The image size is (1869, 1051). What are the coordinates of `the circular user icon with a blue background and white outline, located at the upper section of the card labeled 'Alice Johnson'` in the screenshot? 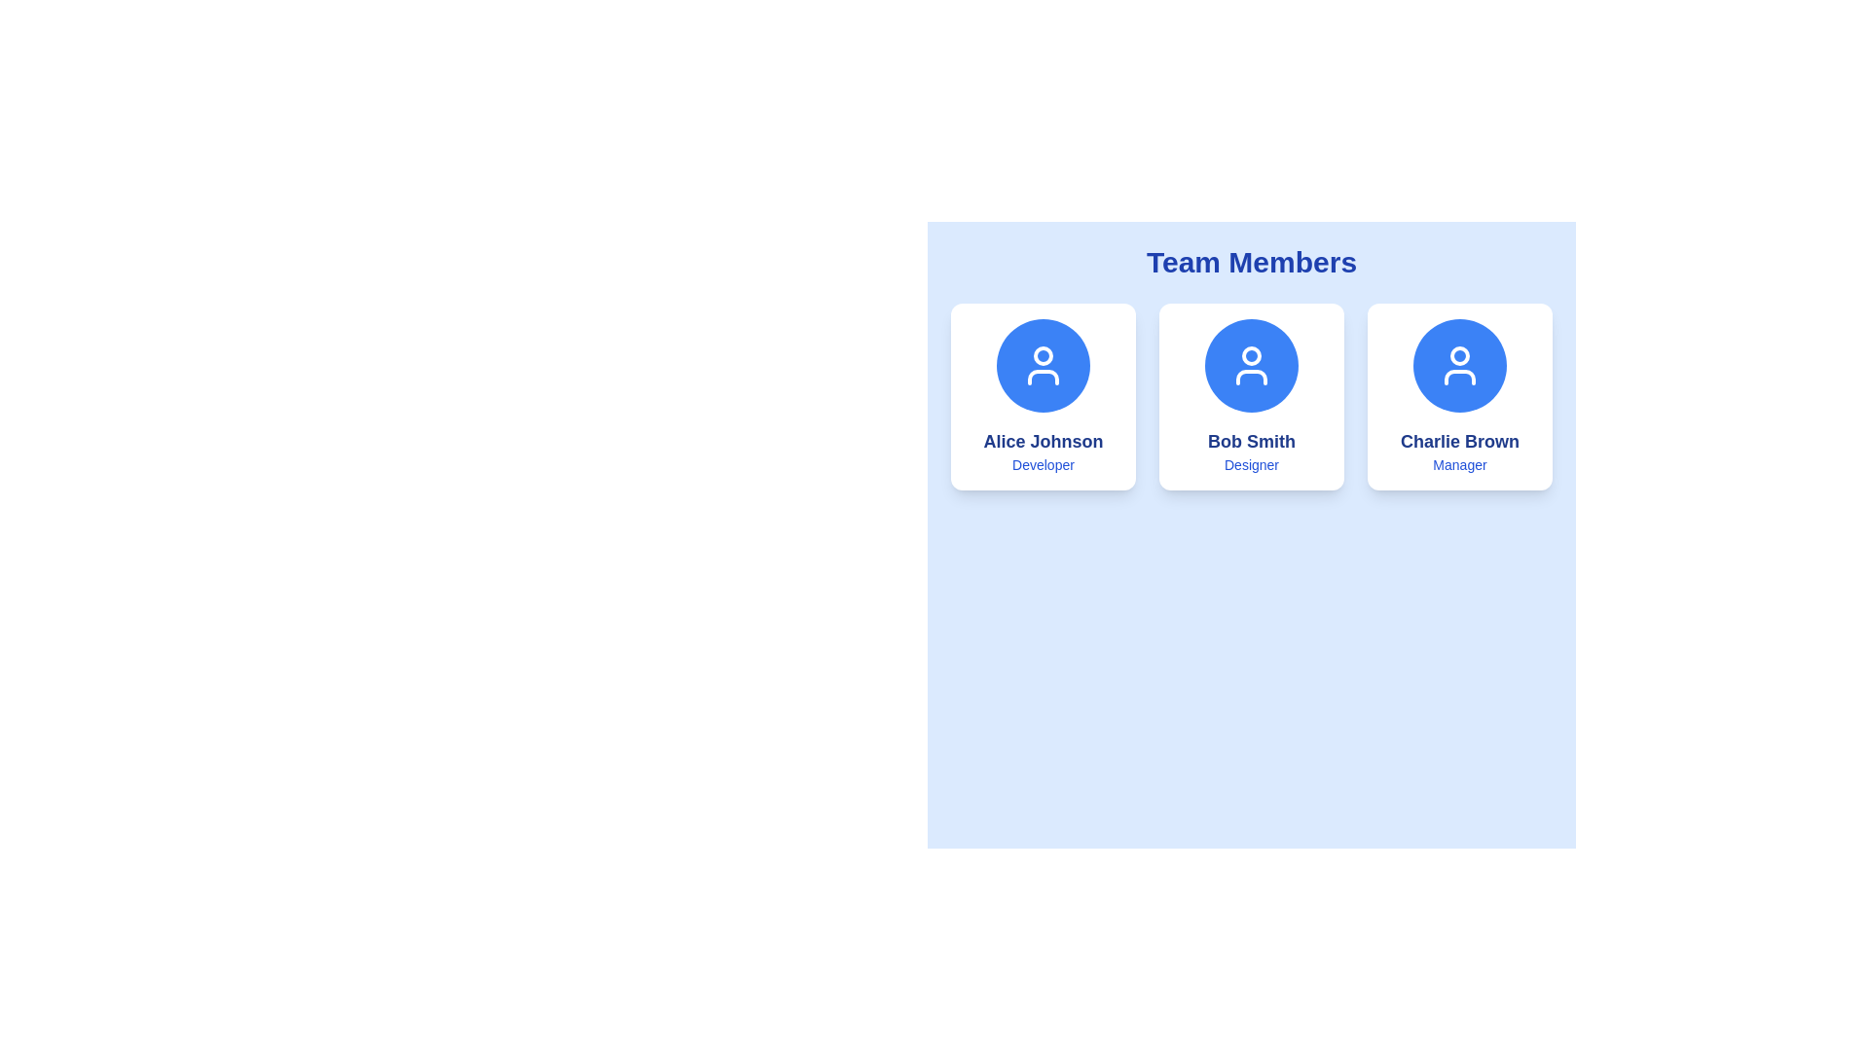 It's located at (1042, 365).